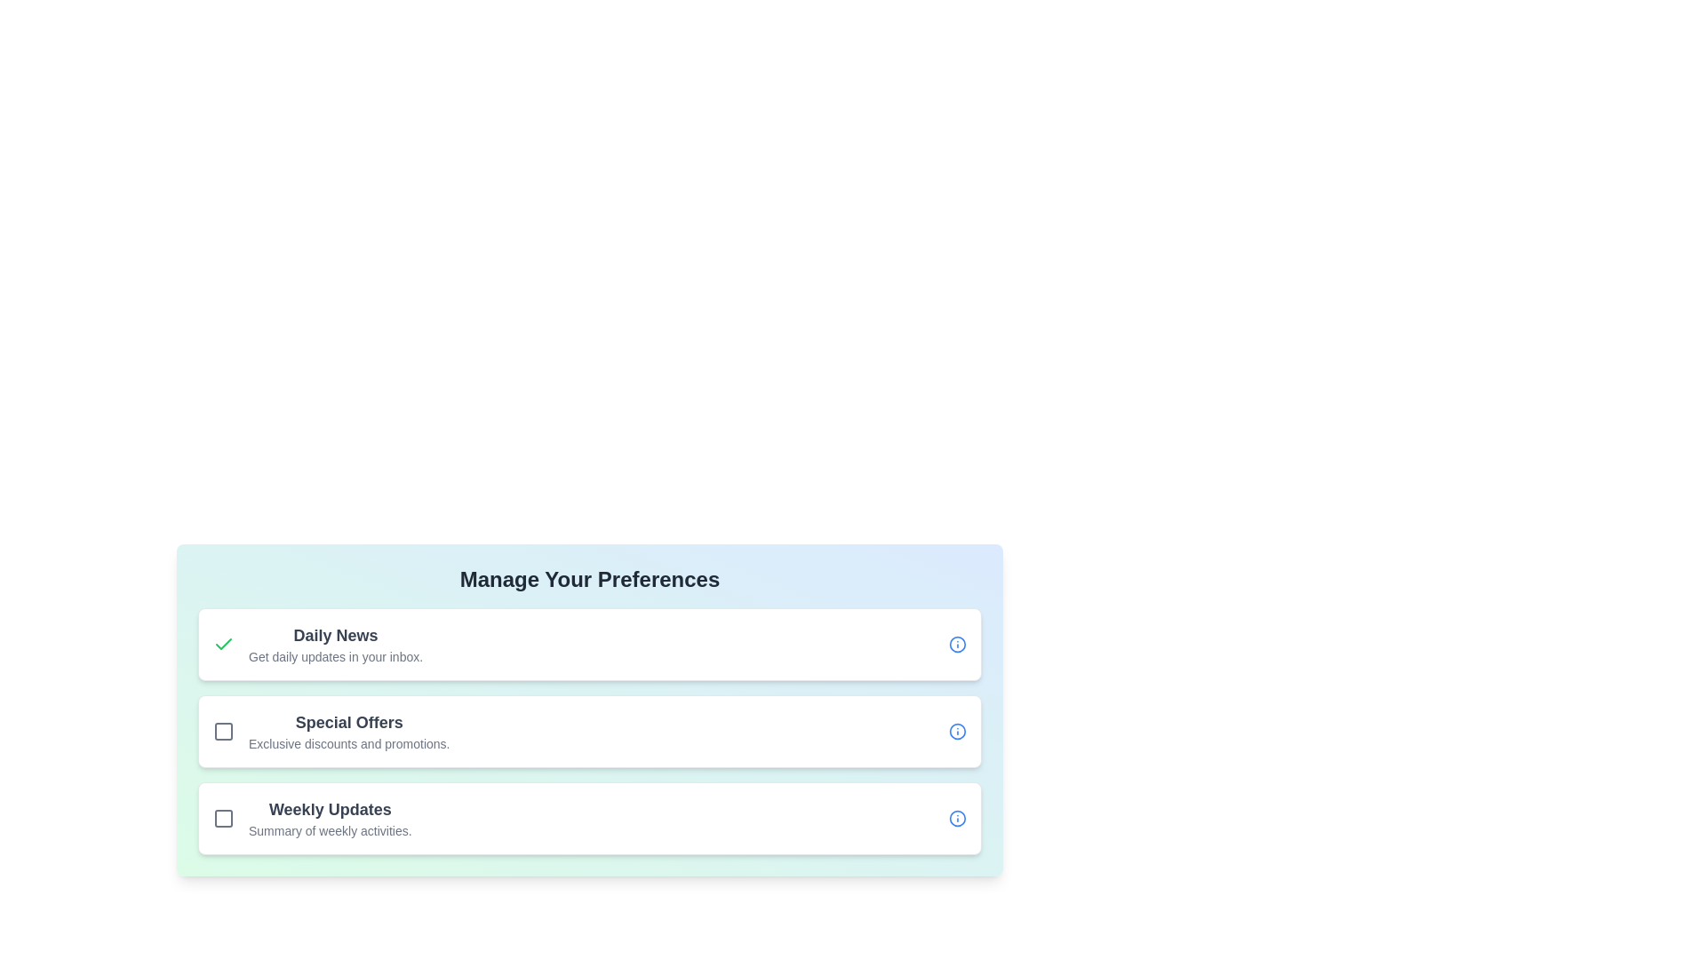 The width and height of the screenshot is (1706, 959). I want to click on the descriptive text that provides details about the 'Special Offers' option, located below the 'Special Offers' text in the 'Manage Your Preferences' section, so click(349, 743).